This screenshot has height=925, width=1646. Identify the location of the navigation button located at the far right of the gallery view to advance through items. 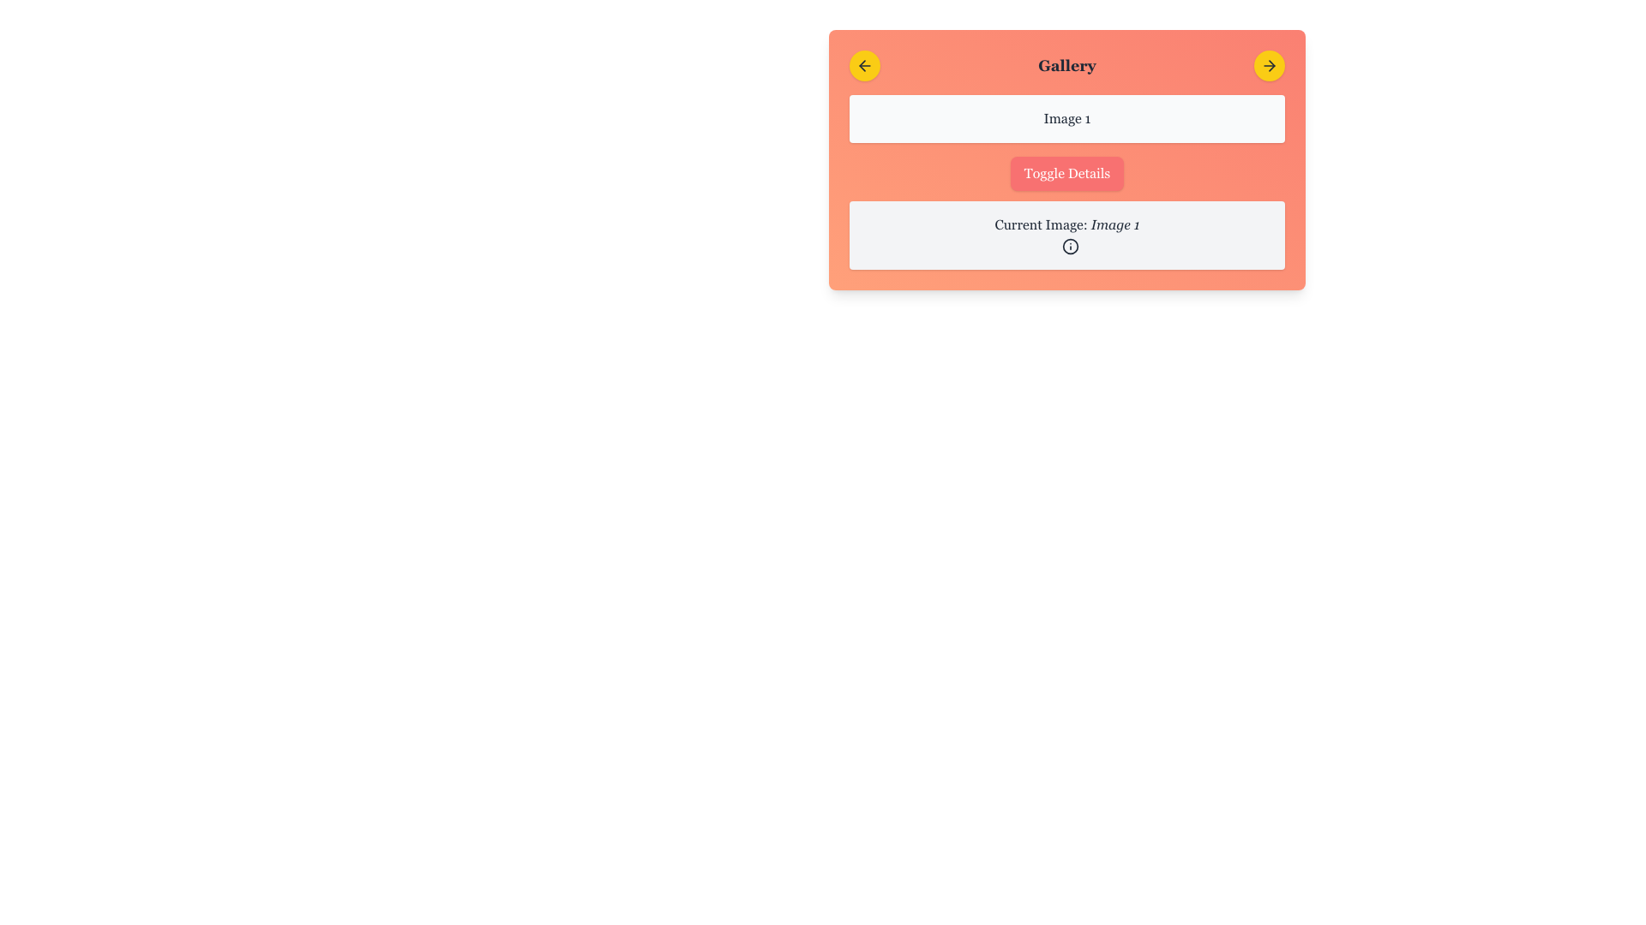
(1269, 65).